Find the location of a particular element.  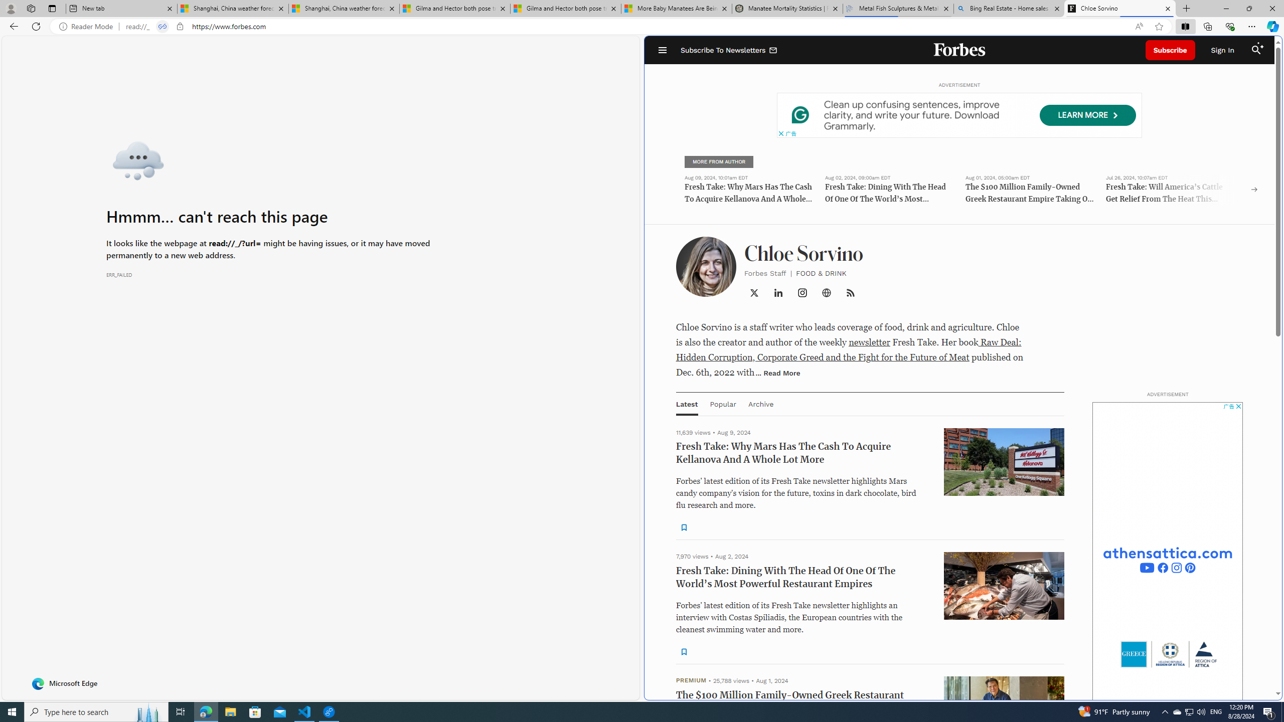

'Open Navigation Menu' is located at coordinates (662, 50).